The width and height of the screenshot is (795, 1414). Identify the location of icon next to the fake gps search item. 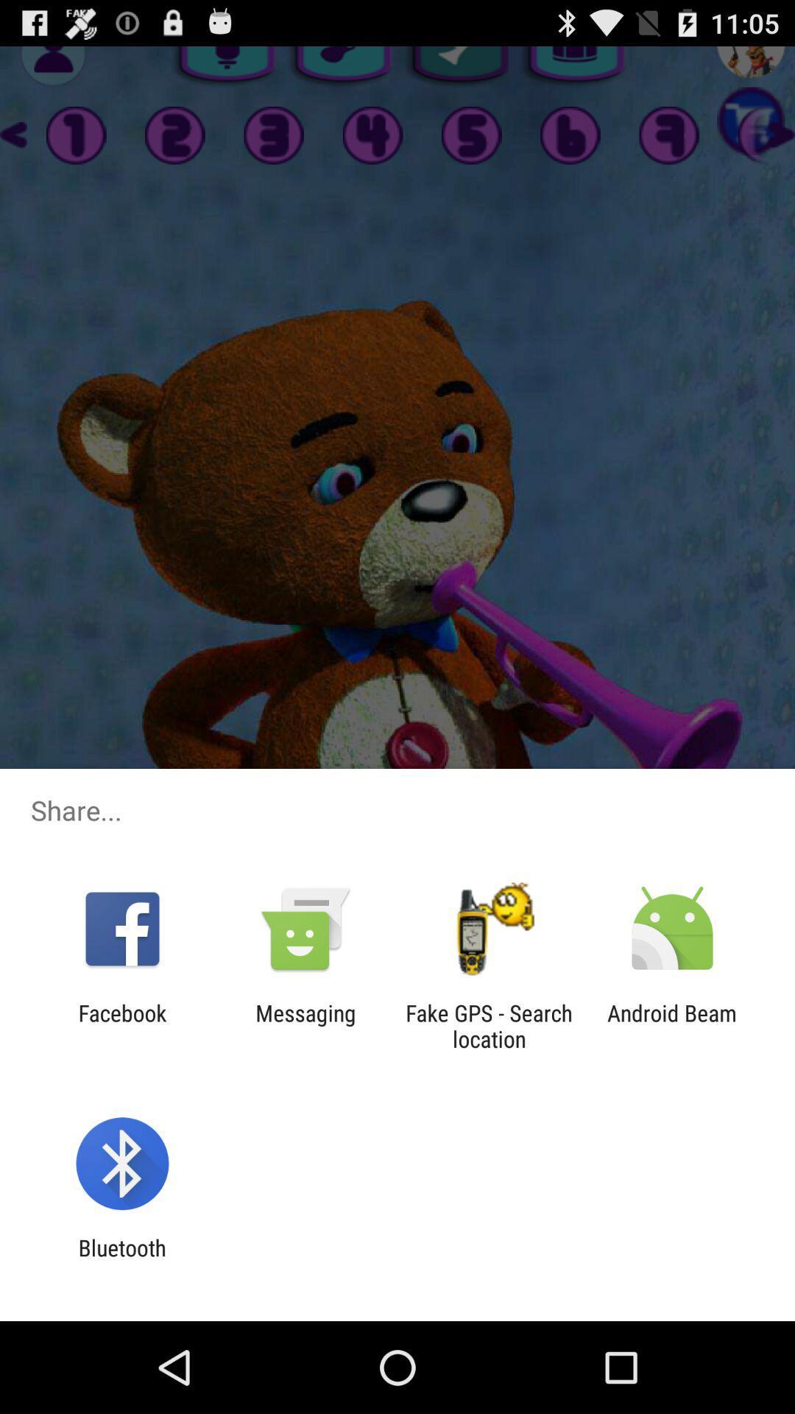
(305, 1025).